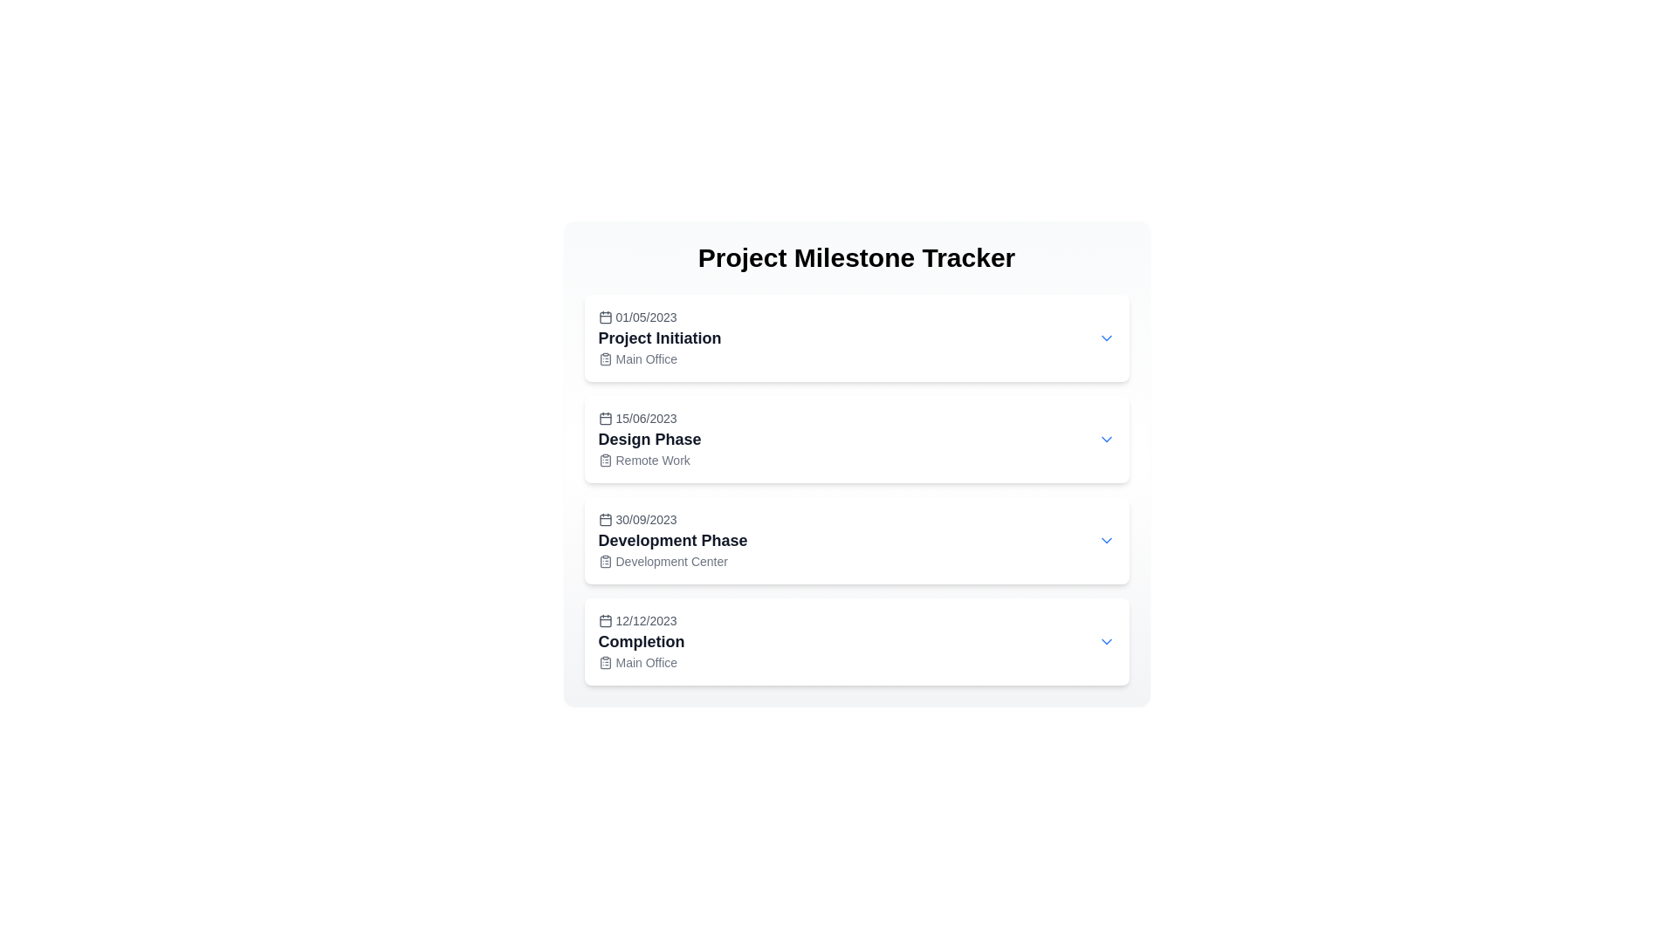 The height and width of the screenshot is (942, 1676). I want to click on displayed text on the label representing the title or designation of a milestone in the second milestone panel from the top, which is centrally located with the date above and location text below, so click(649, 439).